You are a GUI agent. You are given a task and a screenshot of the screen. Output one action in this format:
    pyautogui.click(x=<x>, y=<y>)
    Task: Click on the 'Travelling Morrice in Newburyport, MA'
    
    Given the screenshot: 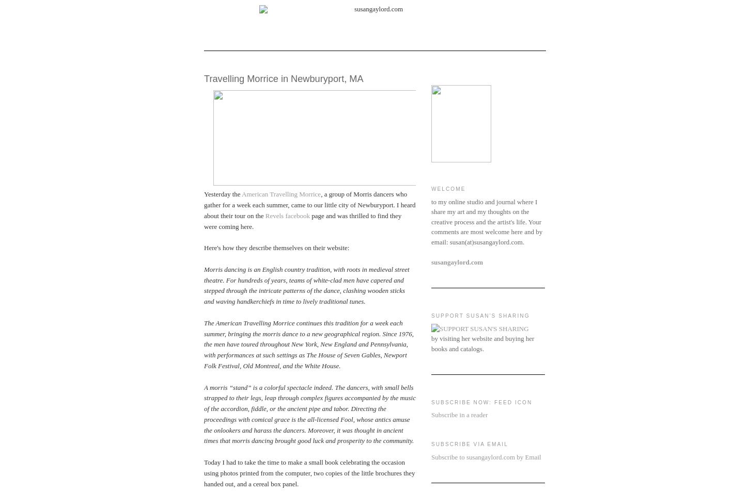 What is the action you would take?
    pyautogui.click(x=283, y=78)
    